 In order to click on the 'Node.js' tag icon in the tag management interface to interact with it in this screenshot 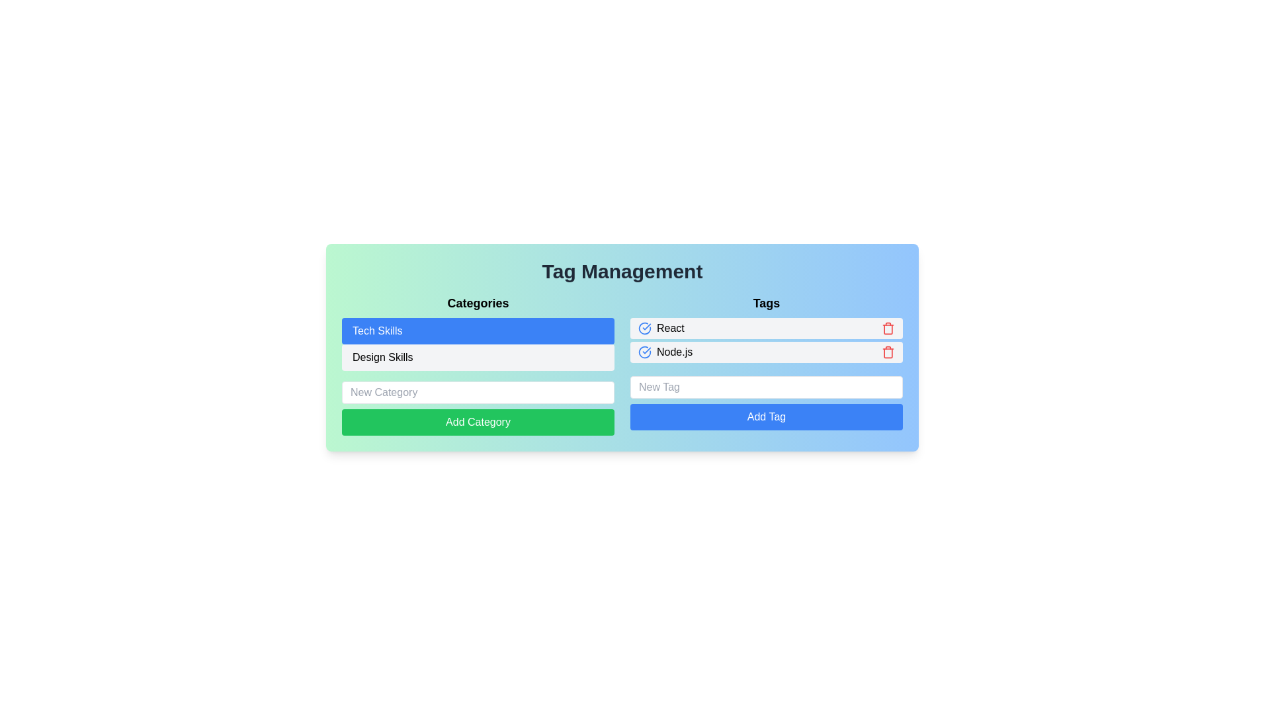, I will do `click(665, 351)`.